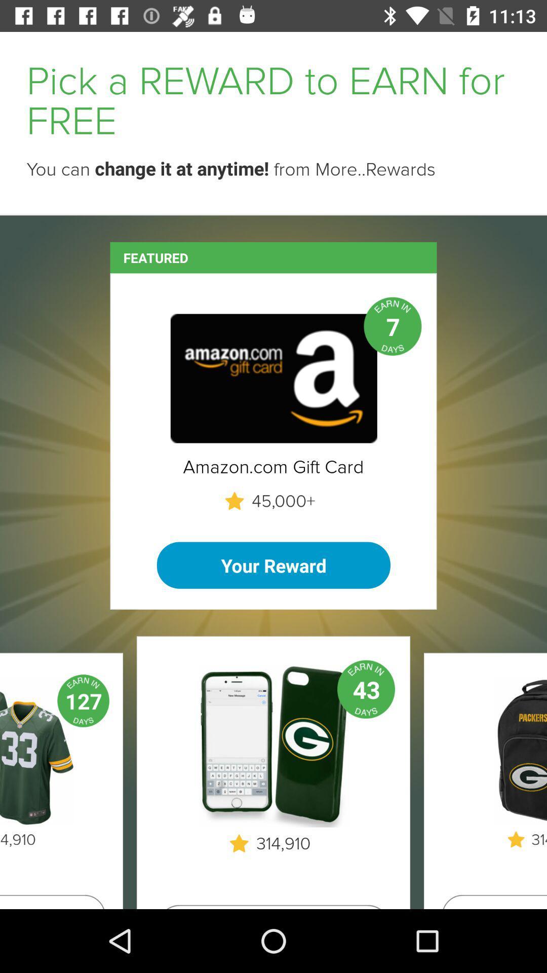 The image size is (547, 973). I want to click on the image at the centre bottom, so click(273, 745).